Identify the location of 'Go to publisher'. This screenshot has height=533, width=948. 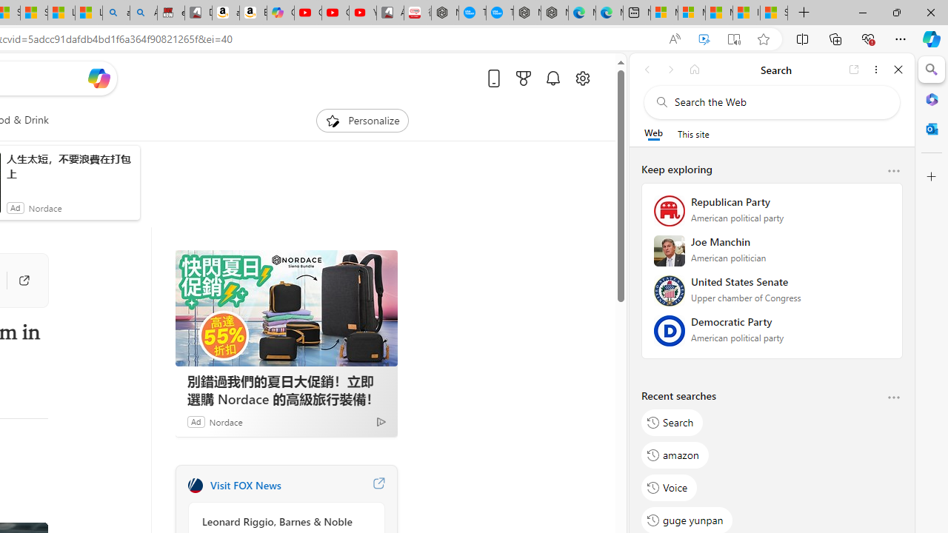
(16, 281).